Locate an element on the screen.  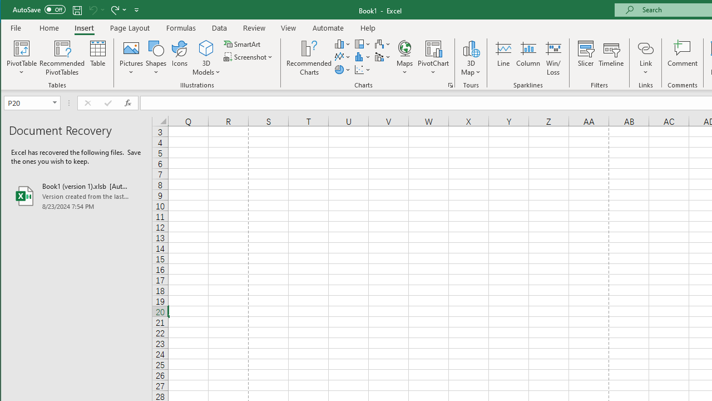
'Insert Scatter (X, Y) or Bubble Chart' is located at coordinates (363, 70).